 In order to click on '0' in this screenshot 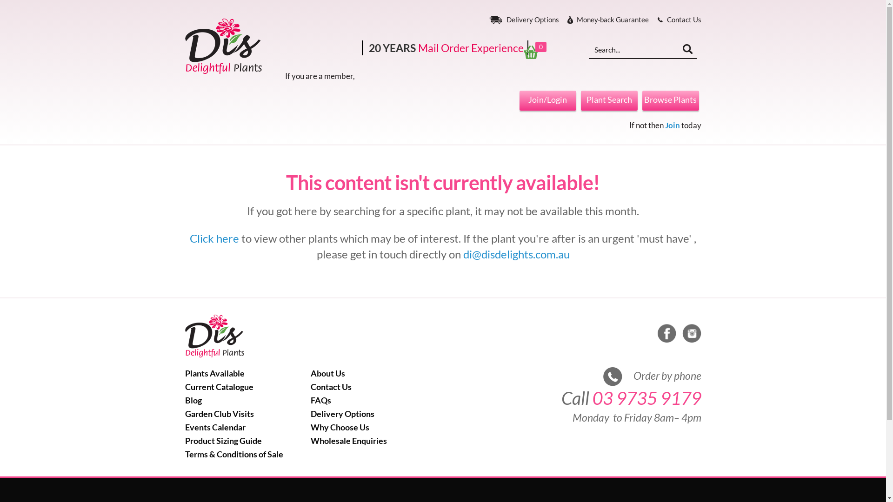, I will do `click(536, 51)`.